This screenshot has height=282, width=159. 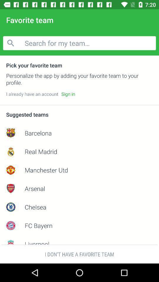 I want to click on the sign in, so click(x=68, y=94).